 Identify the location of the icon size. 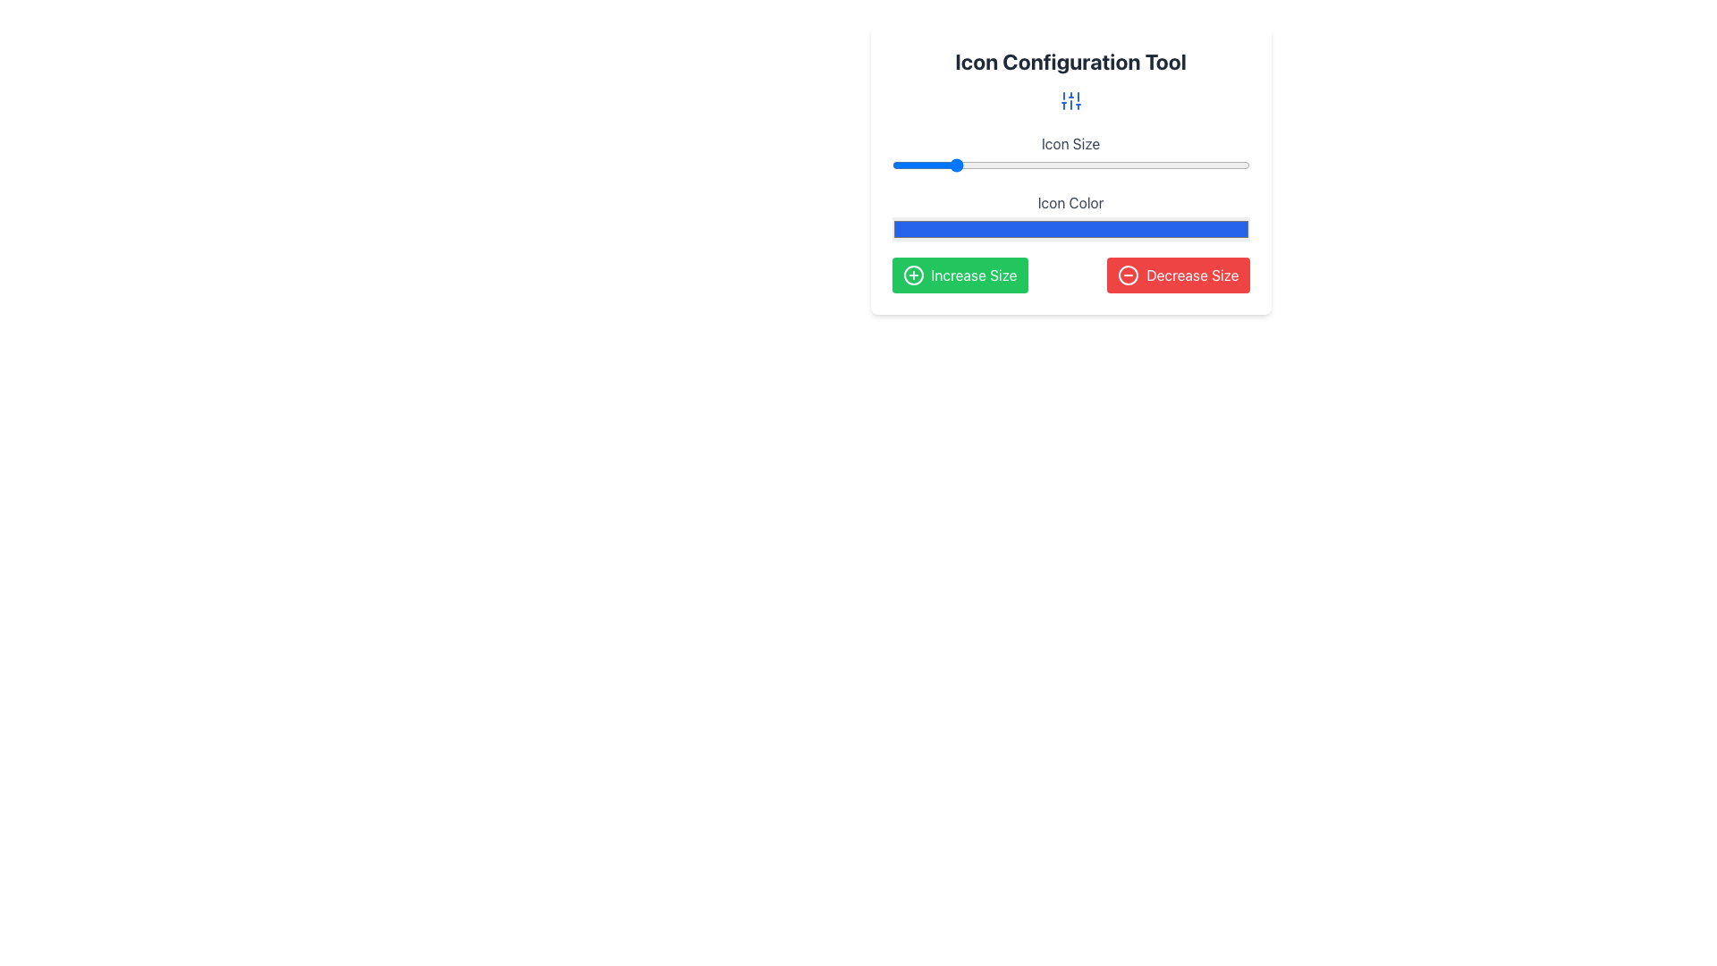
(995, 165).